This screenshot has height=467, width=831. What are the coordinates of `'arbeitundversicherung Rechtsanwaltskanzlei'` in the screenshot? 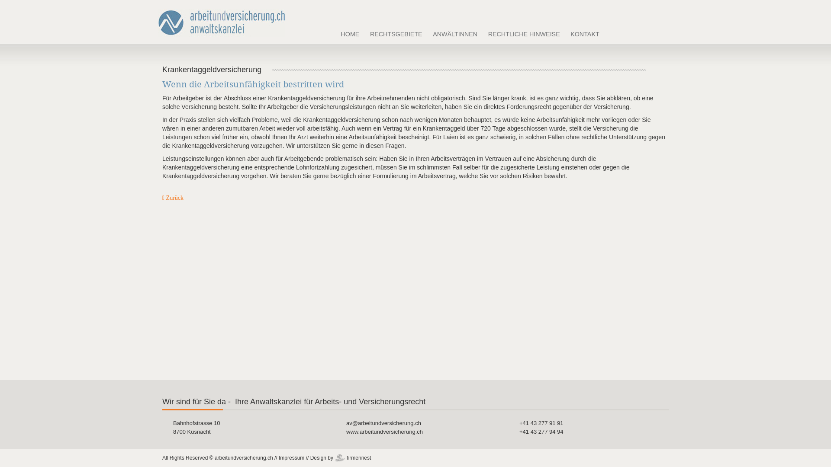 It's located at (222, 18).